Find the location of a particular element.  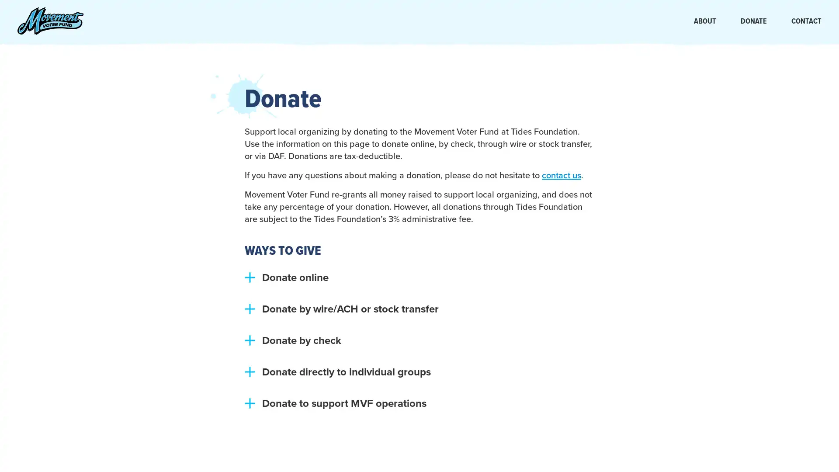

plus Donate online is located at coordinates (419, 278).